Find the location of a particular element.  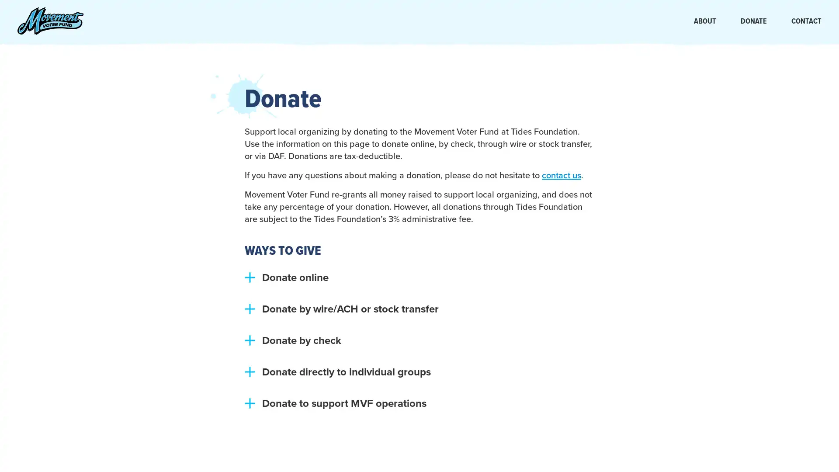

plus Donate online is located at coordinates (419, 278).